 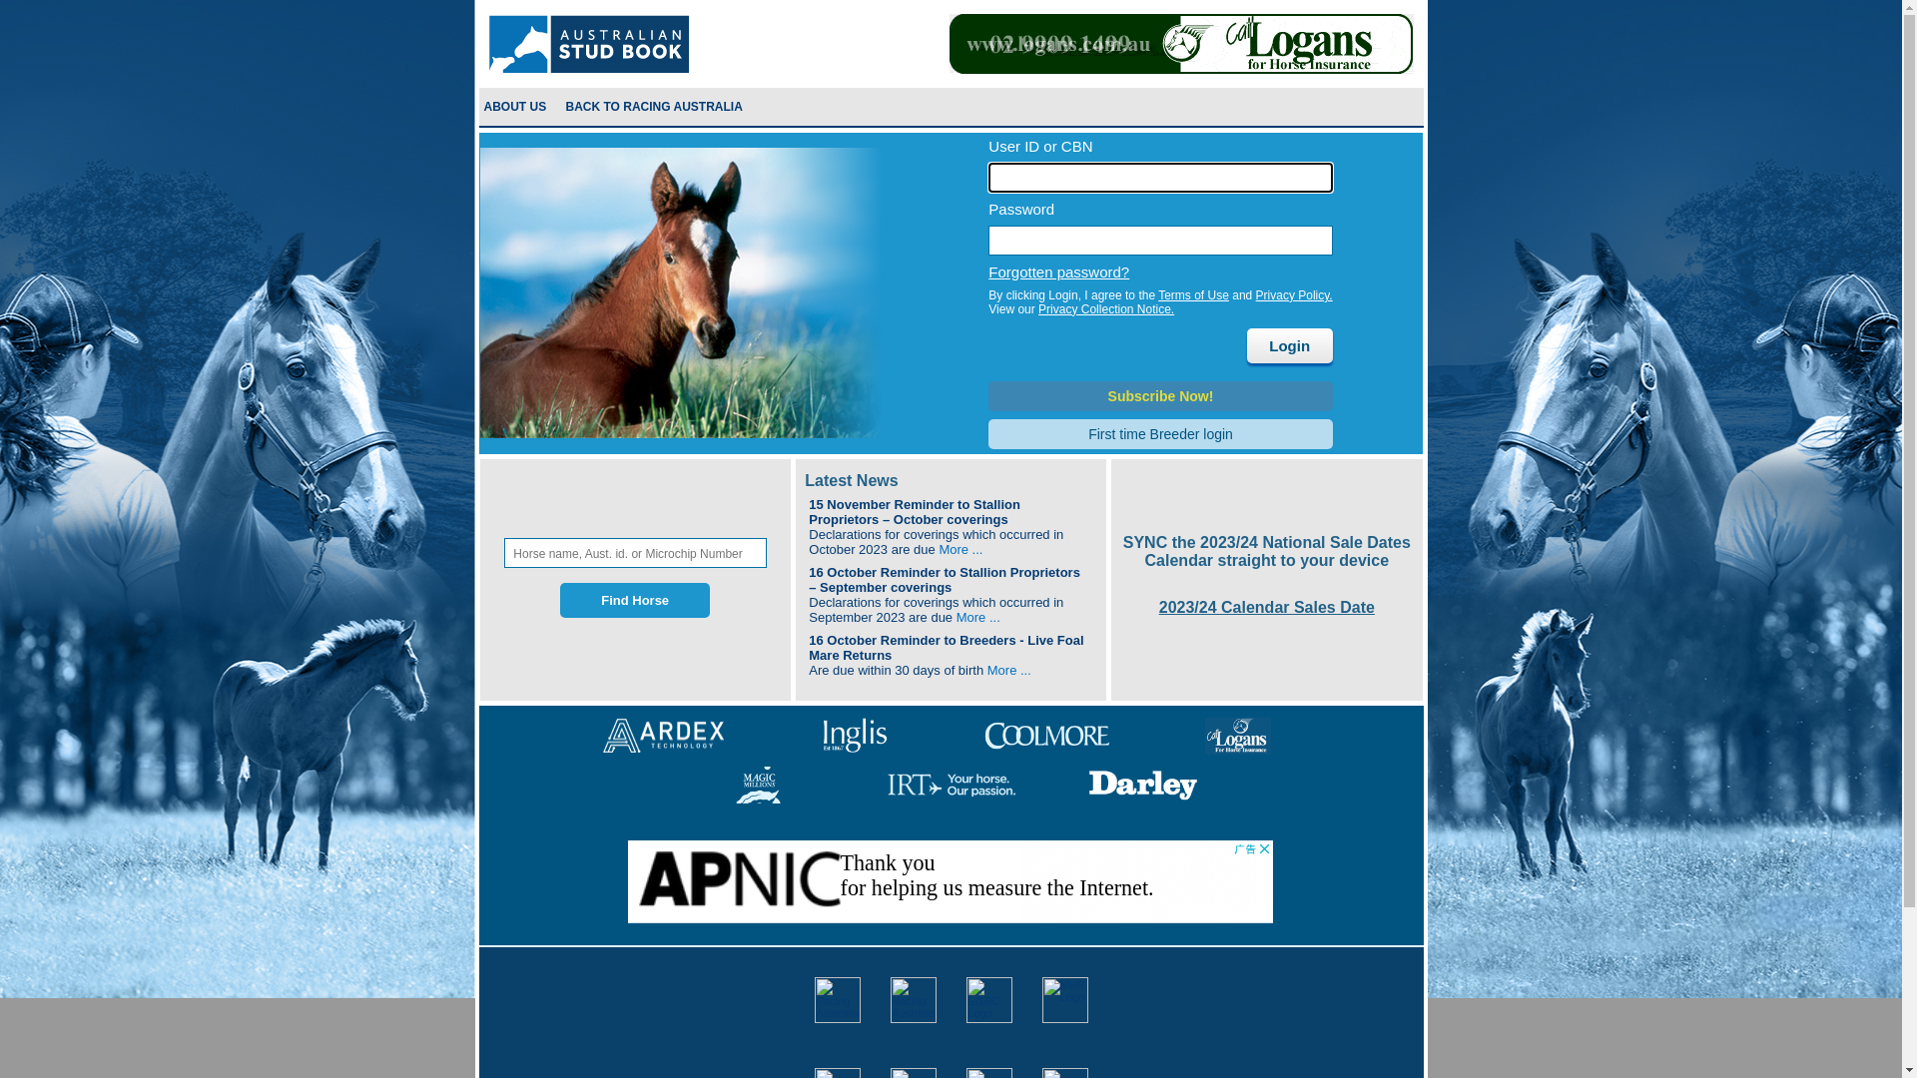 What do you see at coordinates (950, 784) in the screenshot?
I see `'IRT'` at bounding box center [950, 784].